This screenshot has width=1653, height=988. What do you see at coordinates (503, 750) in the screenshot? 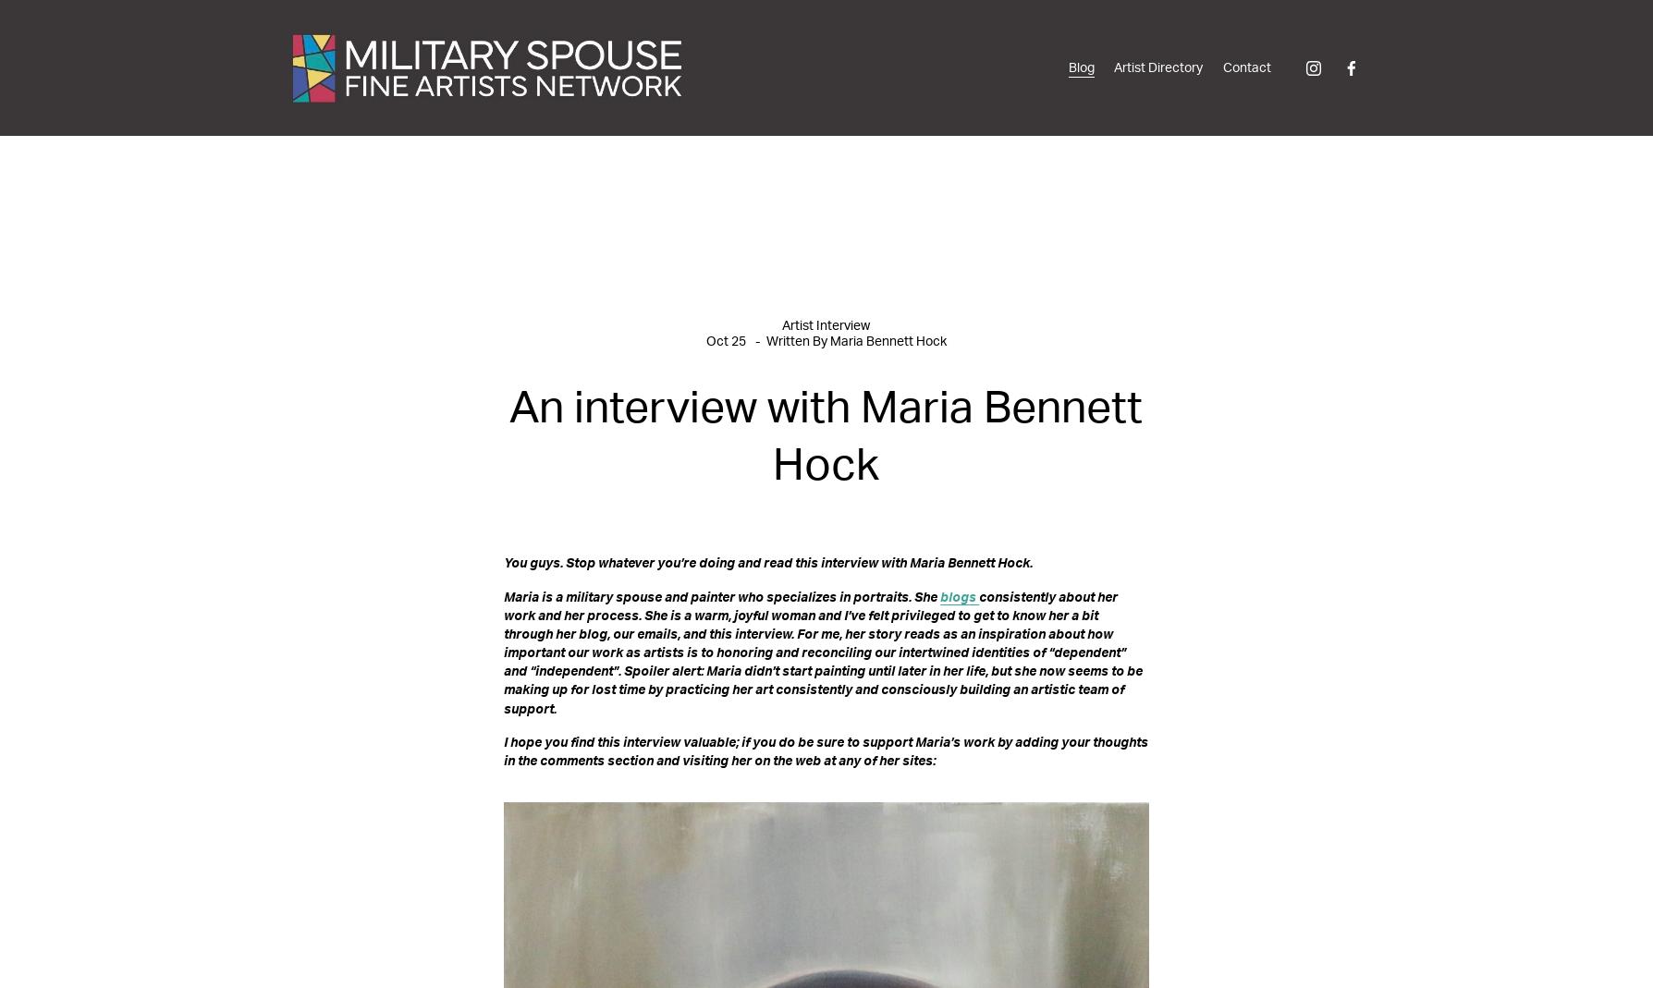
I see `'I hope you find this interview valuable; if you do be sure to support Maria’s work by adding your thoughts in the comments section and visiting her on the web at any of her sites:'` at bounding box center [503, 750].